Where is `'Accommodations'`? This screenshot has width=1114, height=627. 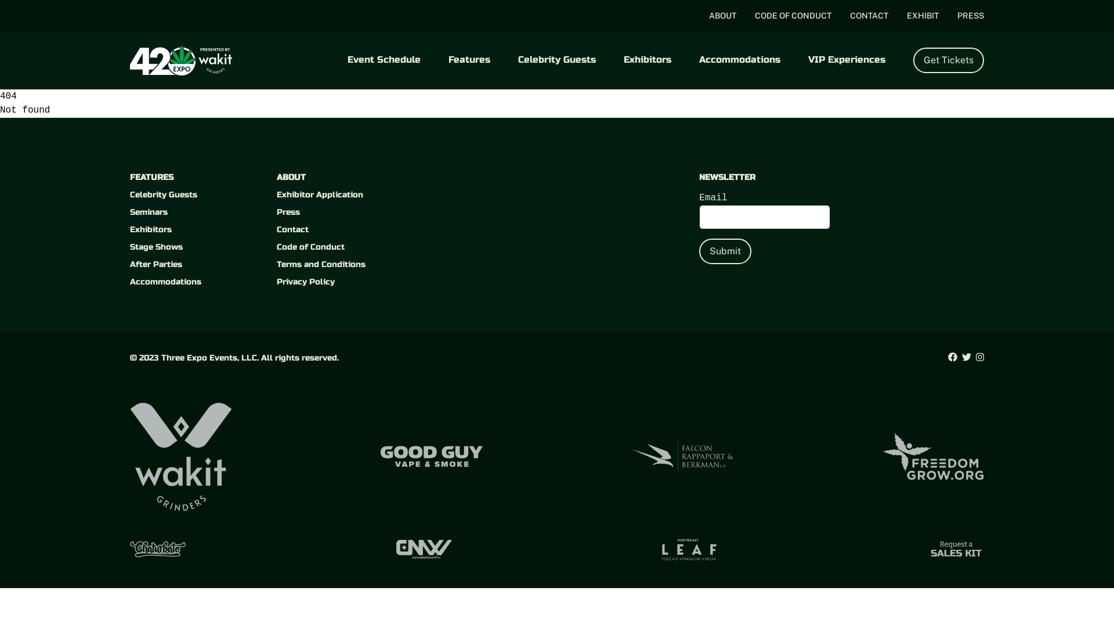 'Accommodations' is located at coordinates (739, 59).